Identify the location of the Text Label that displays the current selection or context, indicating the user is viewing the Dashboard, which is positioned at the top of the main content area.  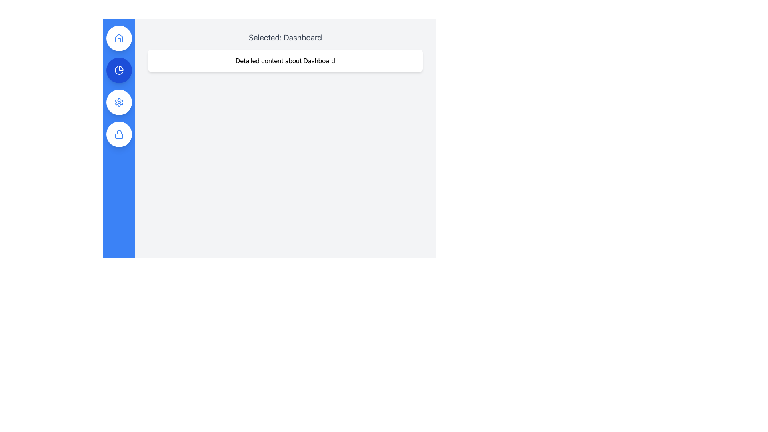
(285, 37).